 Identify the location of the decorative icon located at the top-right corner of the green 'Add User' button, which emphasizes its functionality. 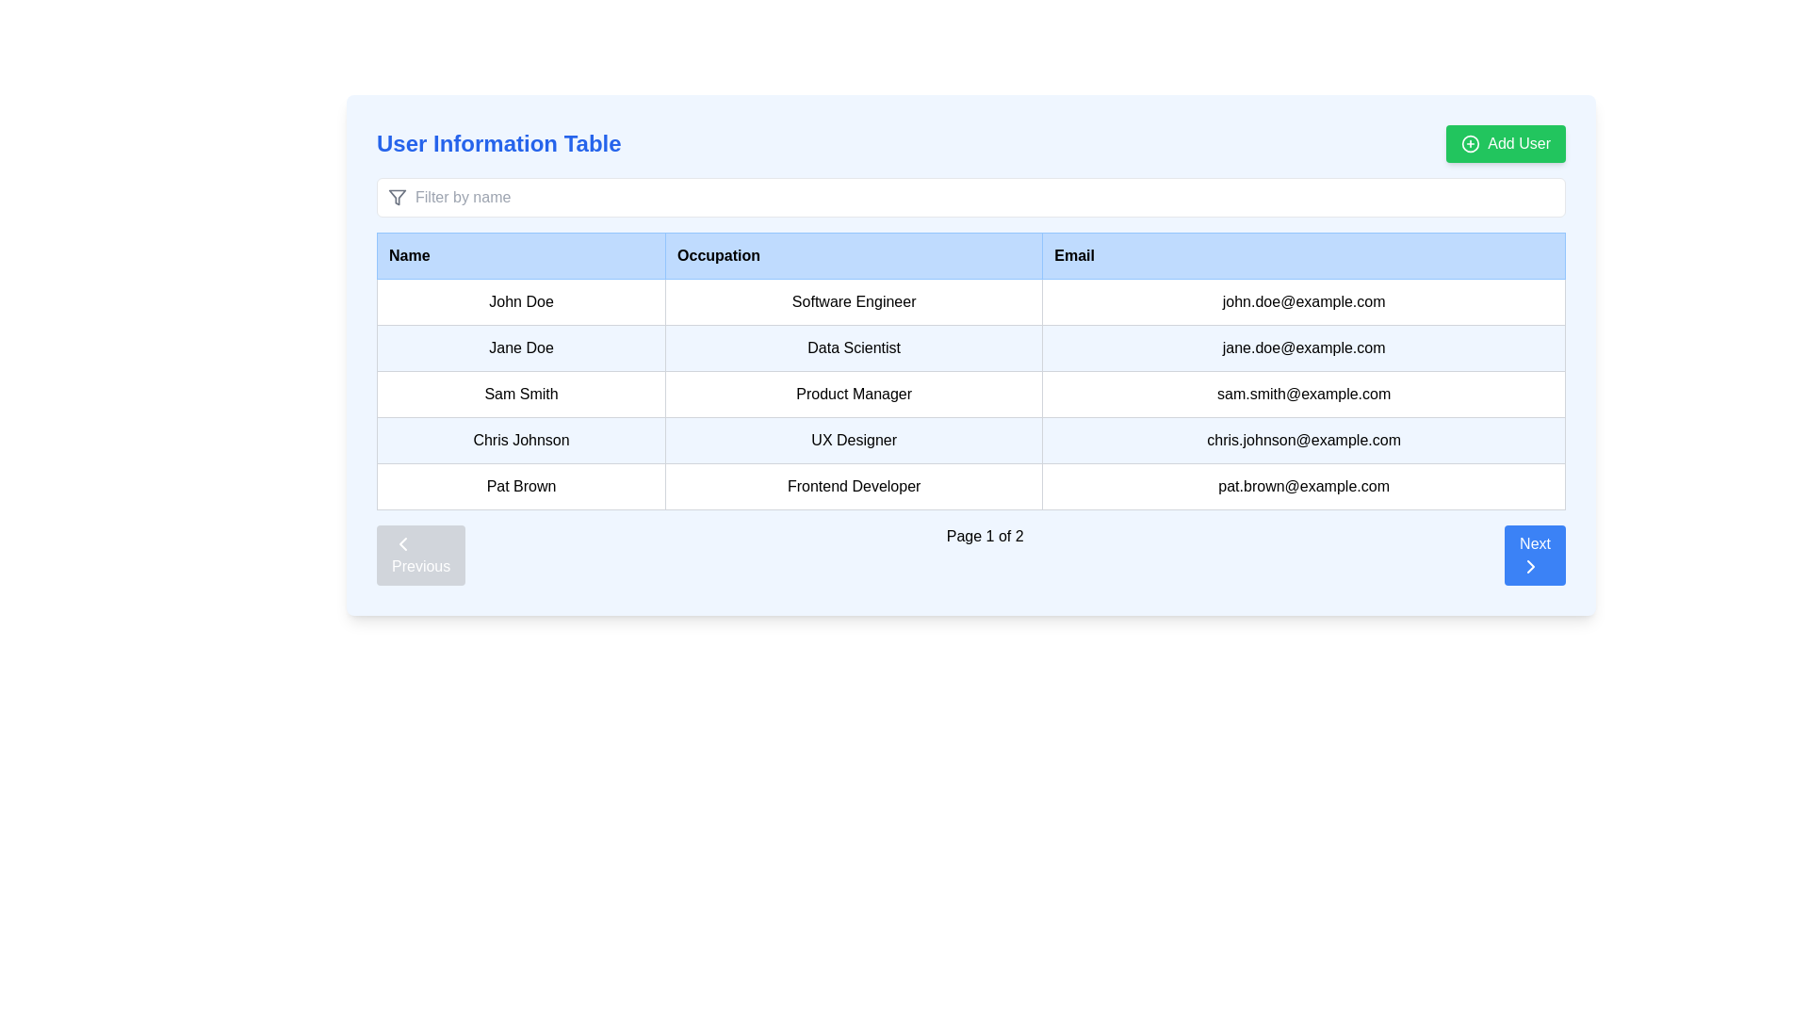
(1470, 143).